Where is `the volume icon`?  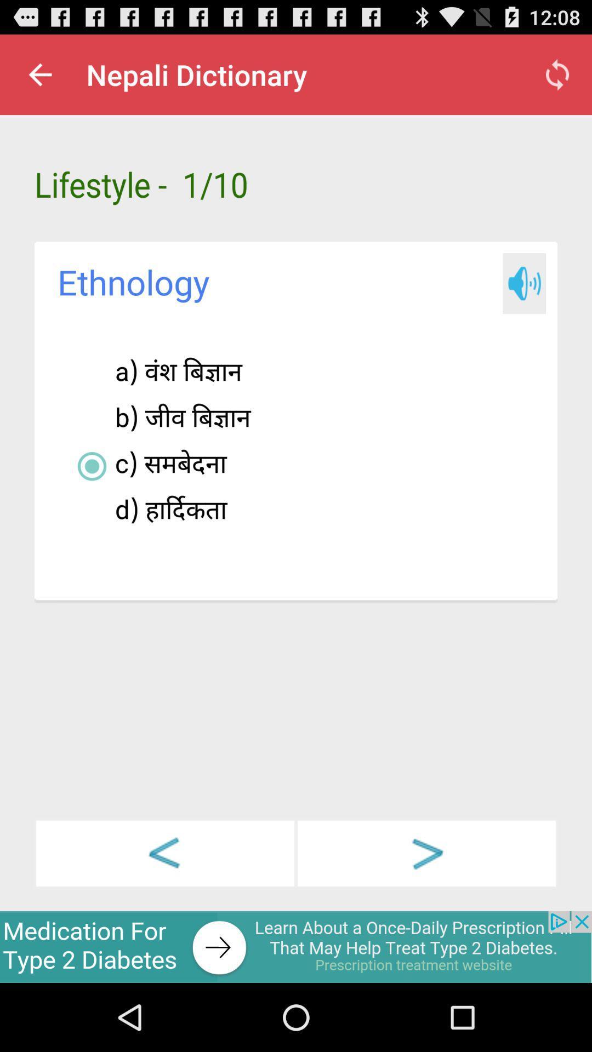 the volume icon is located at coordinates (523, 303).